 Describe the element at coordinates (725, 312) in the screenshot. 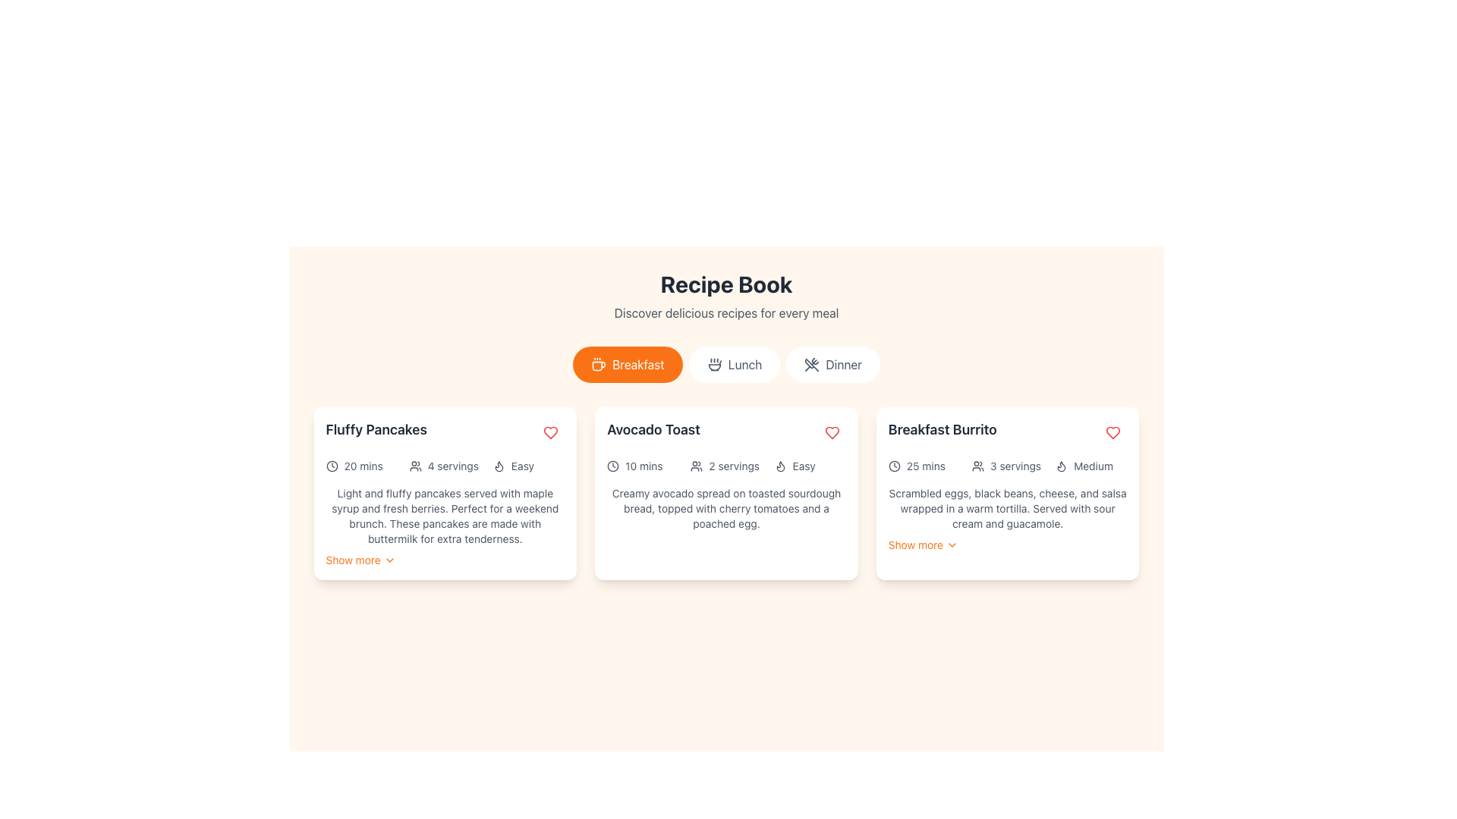

I see `the text segment displaying 'Discover delicious recipes for every meal' which is located directly beneath the 'Recipe Book' heading to trigger any tooltip if applicable` at that location.